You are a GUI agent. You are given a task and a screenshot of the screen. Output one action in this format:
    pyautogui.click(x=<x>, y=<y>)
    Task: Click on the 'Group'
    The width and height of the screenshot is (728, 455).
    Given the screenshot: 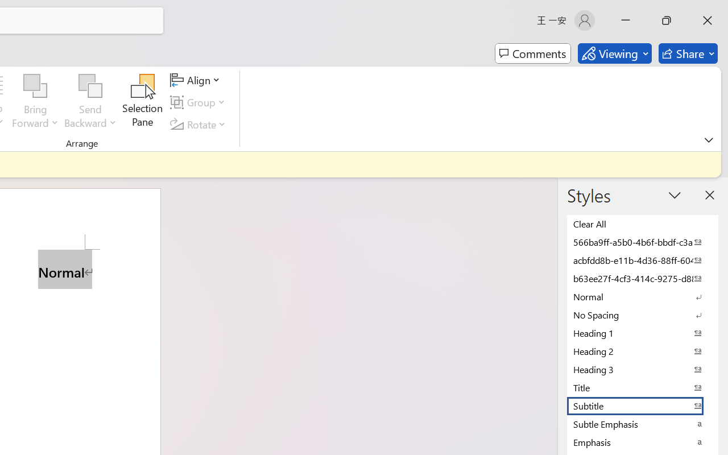 What is the action you would take?
    pyautogui.click(x=200, y=102)
    